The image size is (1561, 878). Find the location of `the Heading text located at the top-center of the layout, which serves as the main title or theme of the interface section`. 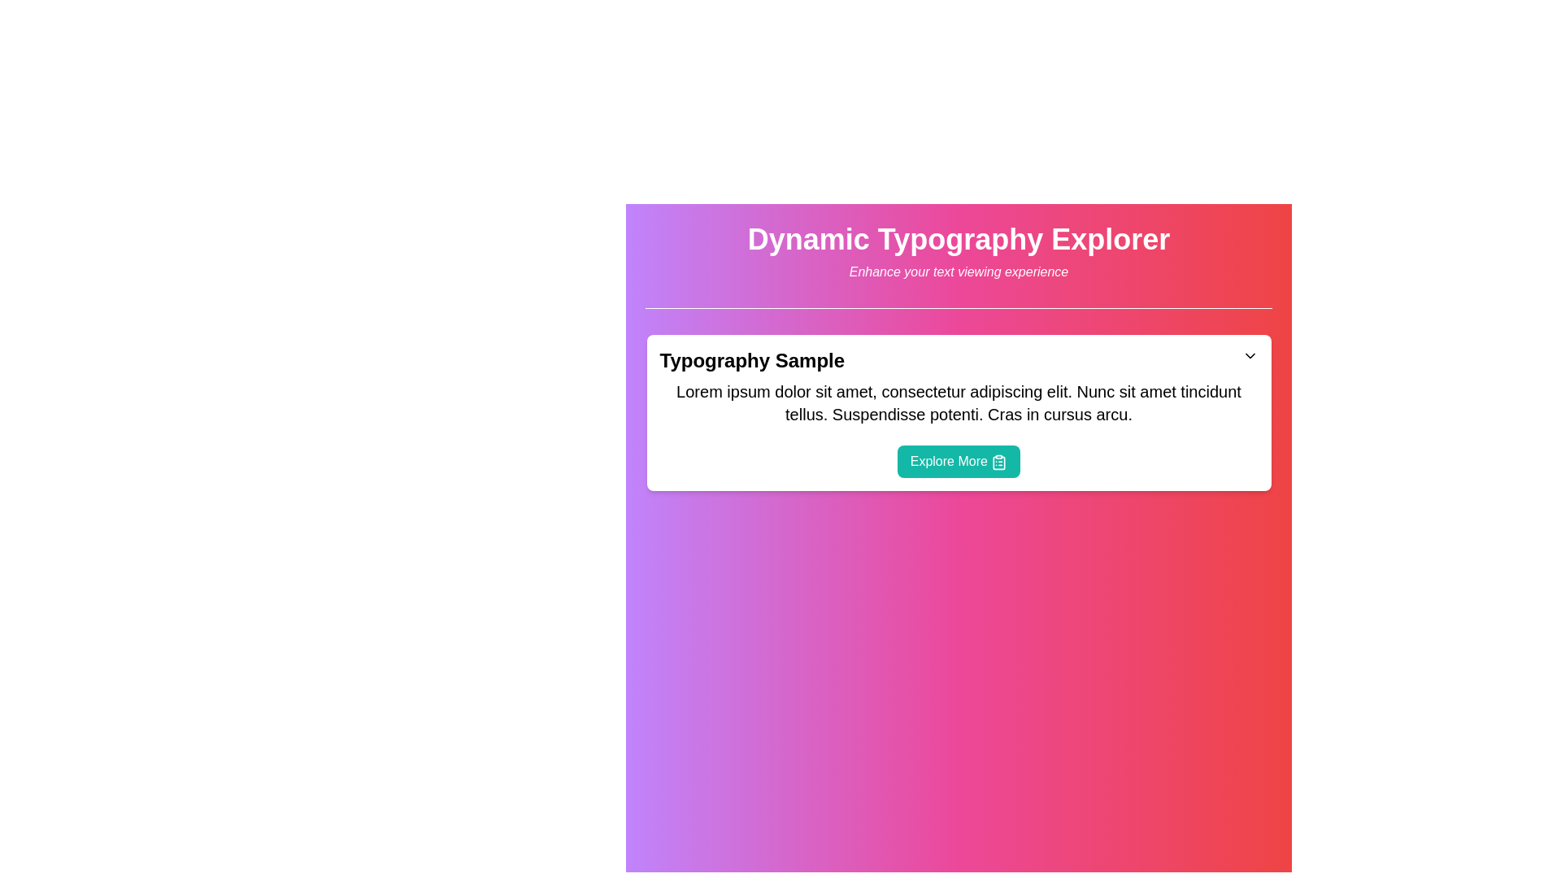

the Heading text located at the top-center of the layout, which serves as the main title or theme of the interface section is located at coordinates (959, 239).